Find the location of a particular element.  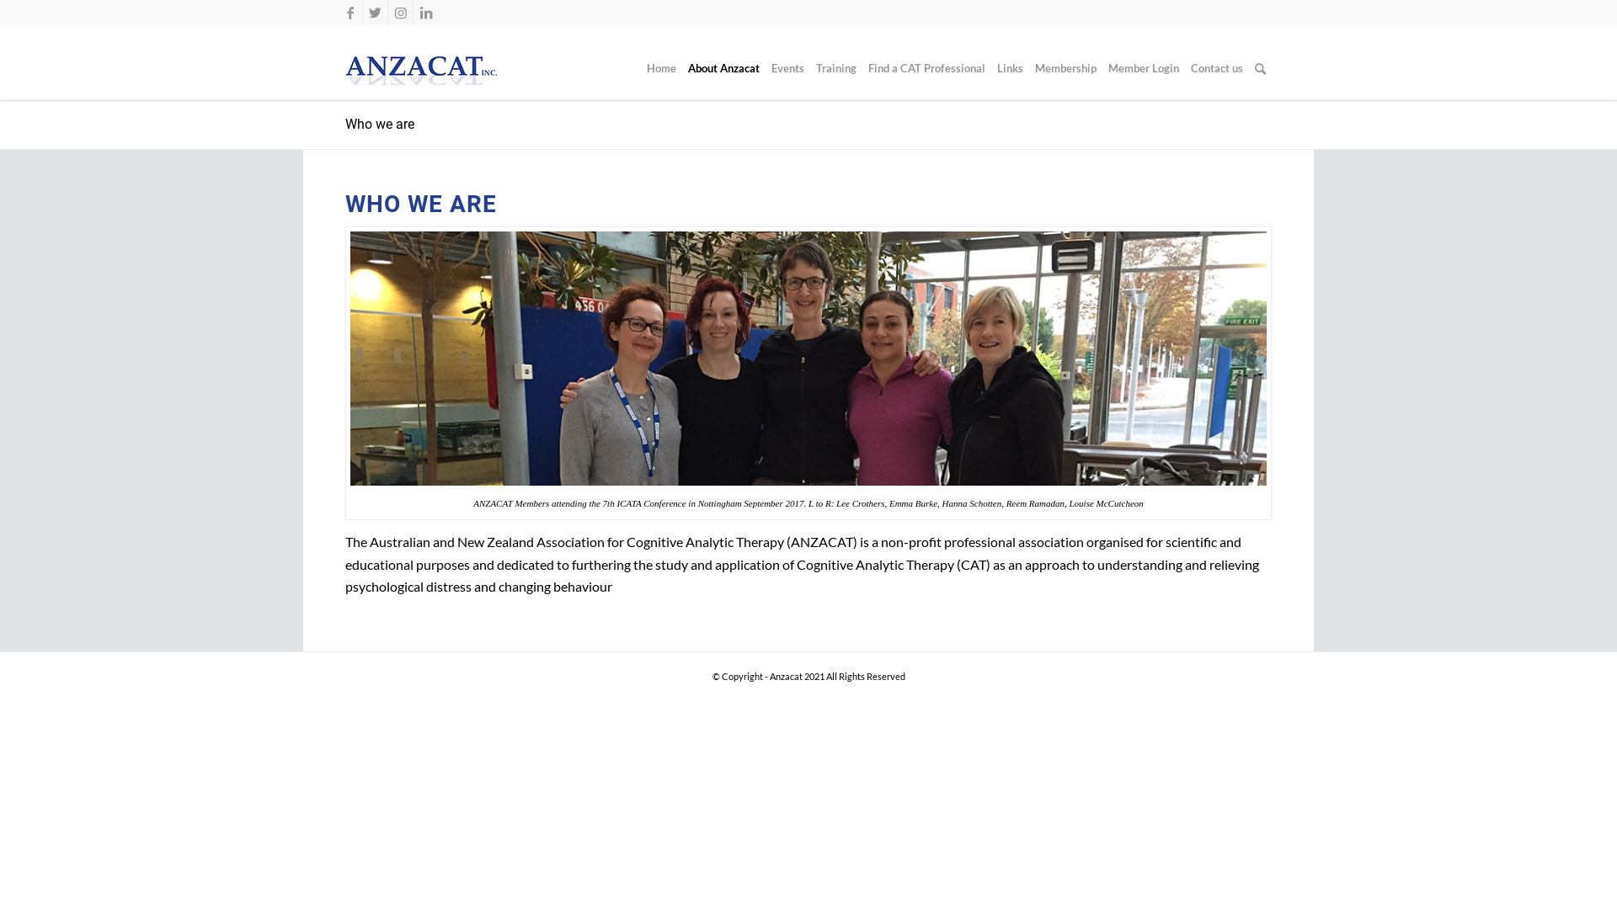

'Who we are' is located at coordinates (379, 123).